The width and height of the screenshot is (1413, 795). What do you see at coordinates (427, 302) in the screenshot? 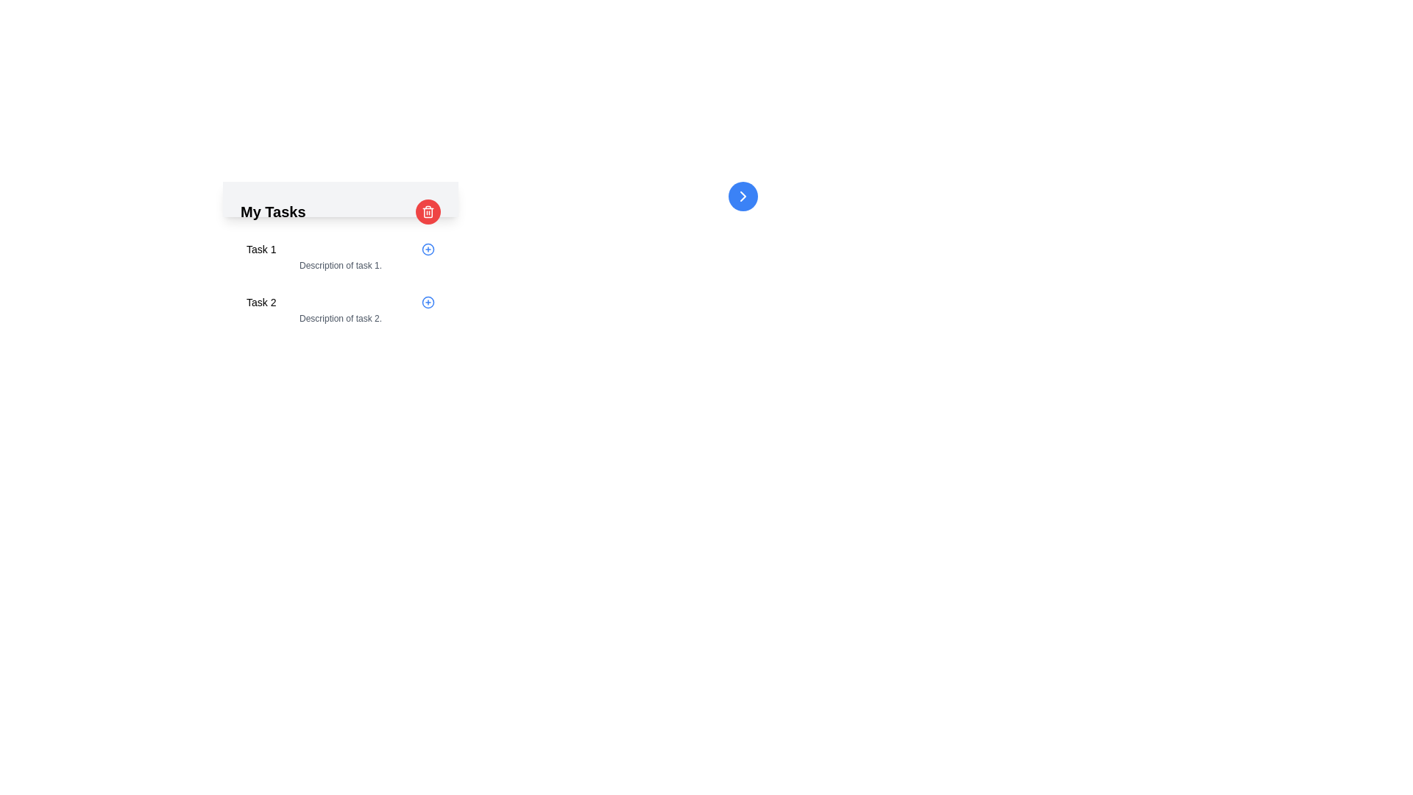
I see `the add icon button located to the right of the 'Task 2' label` at bounding box center [427, 302].